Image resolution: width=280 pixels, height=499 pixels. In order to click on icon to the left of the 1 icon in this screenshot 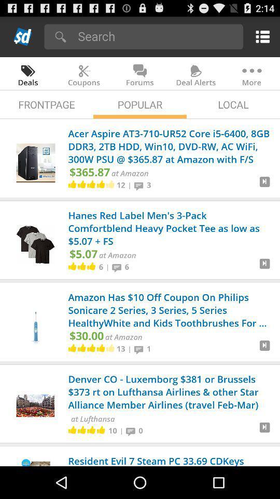, I will do `click(140, 349)`.